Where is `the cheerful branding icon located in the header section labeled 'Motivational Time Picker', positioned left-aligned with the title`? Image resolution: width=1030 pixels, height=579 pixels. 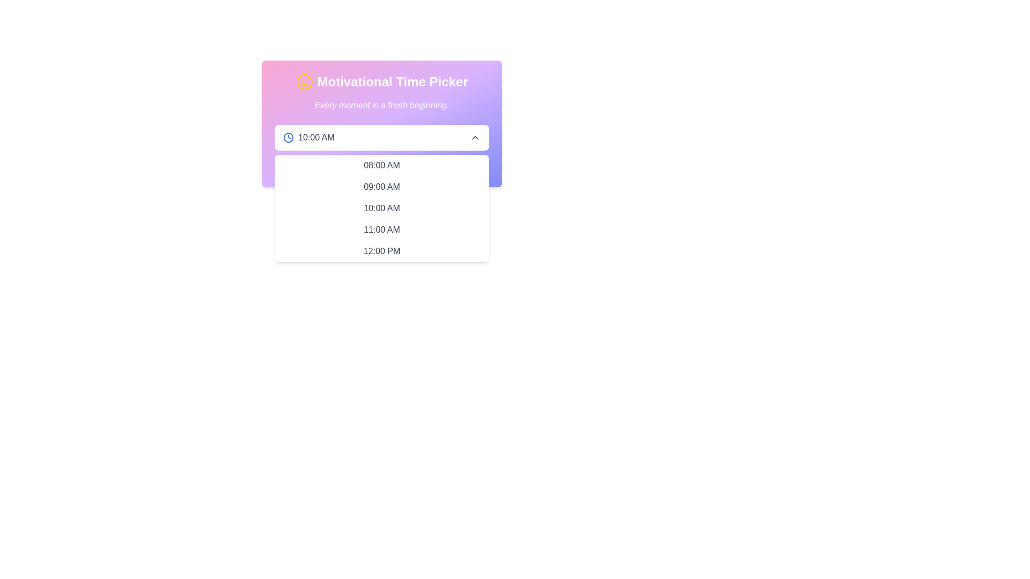
the cheerful branding icon located in the header section labeled 'Motivational Time Picker', positioned left-aligned with the title is located at coordinates (304, 81).